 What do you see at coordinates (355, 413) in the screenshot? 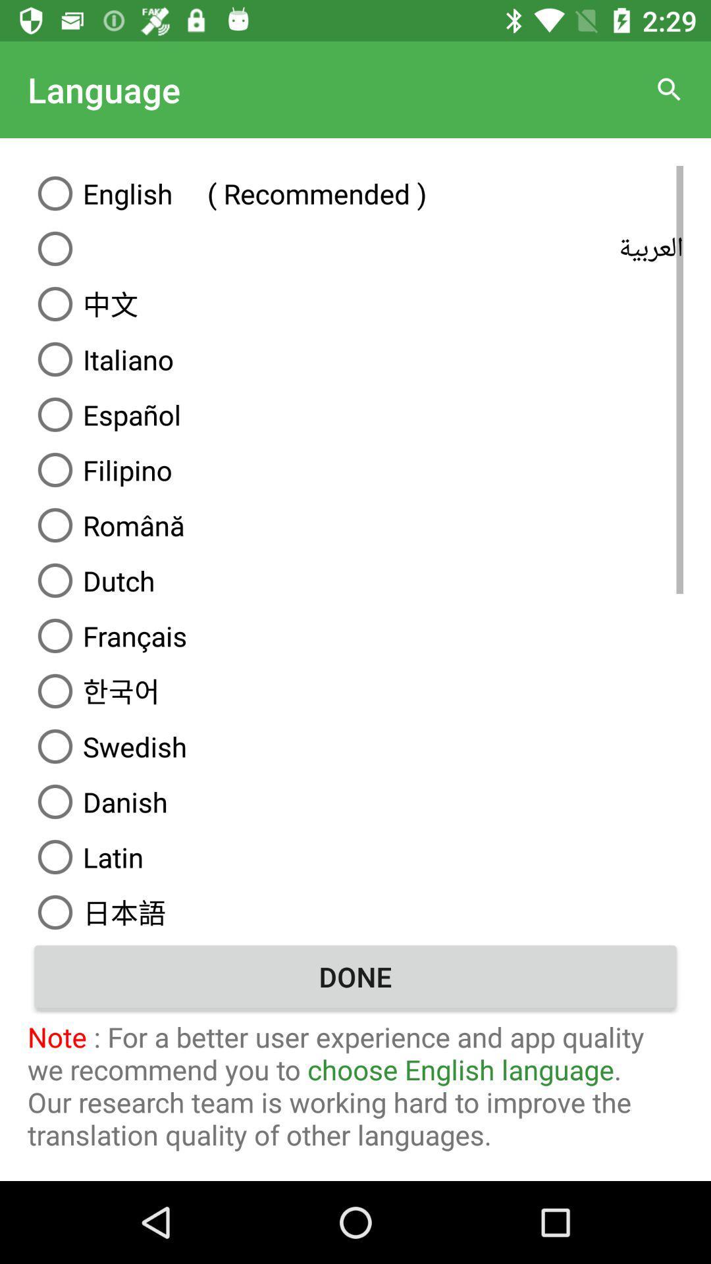
I see `the icon below italiano icon` at bounding box center [355, 413].